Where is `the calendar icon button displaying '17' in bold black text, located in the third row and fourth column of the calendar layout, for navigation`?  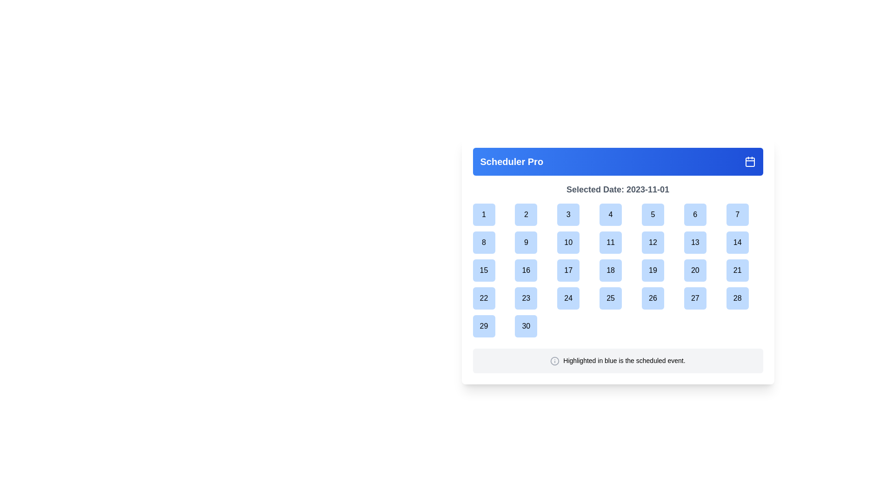
the calendar icon button displaying '17' in bold black text, located in the third row and fourth column of the calendar layout, for navigation is located at coordinates (568, 271).